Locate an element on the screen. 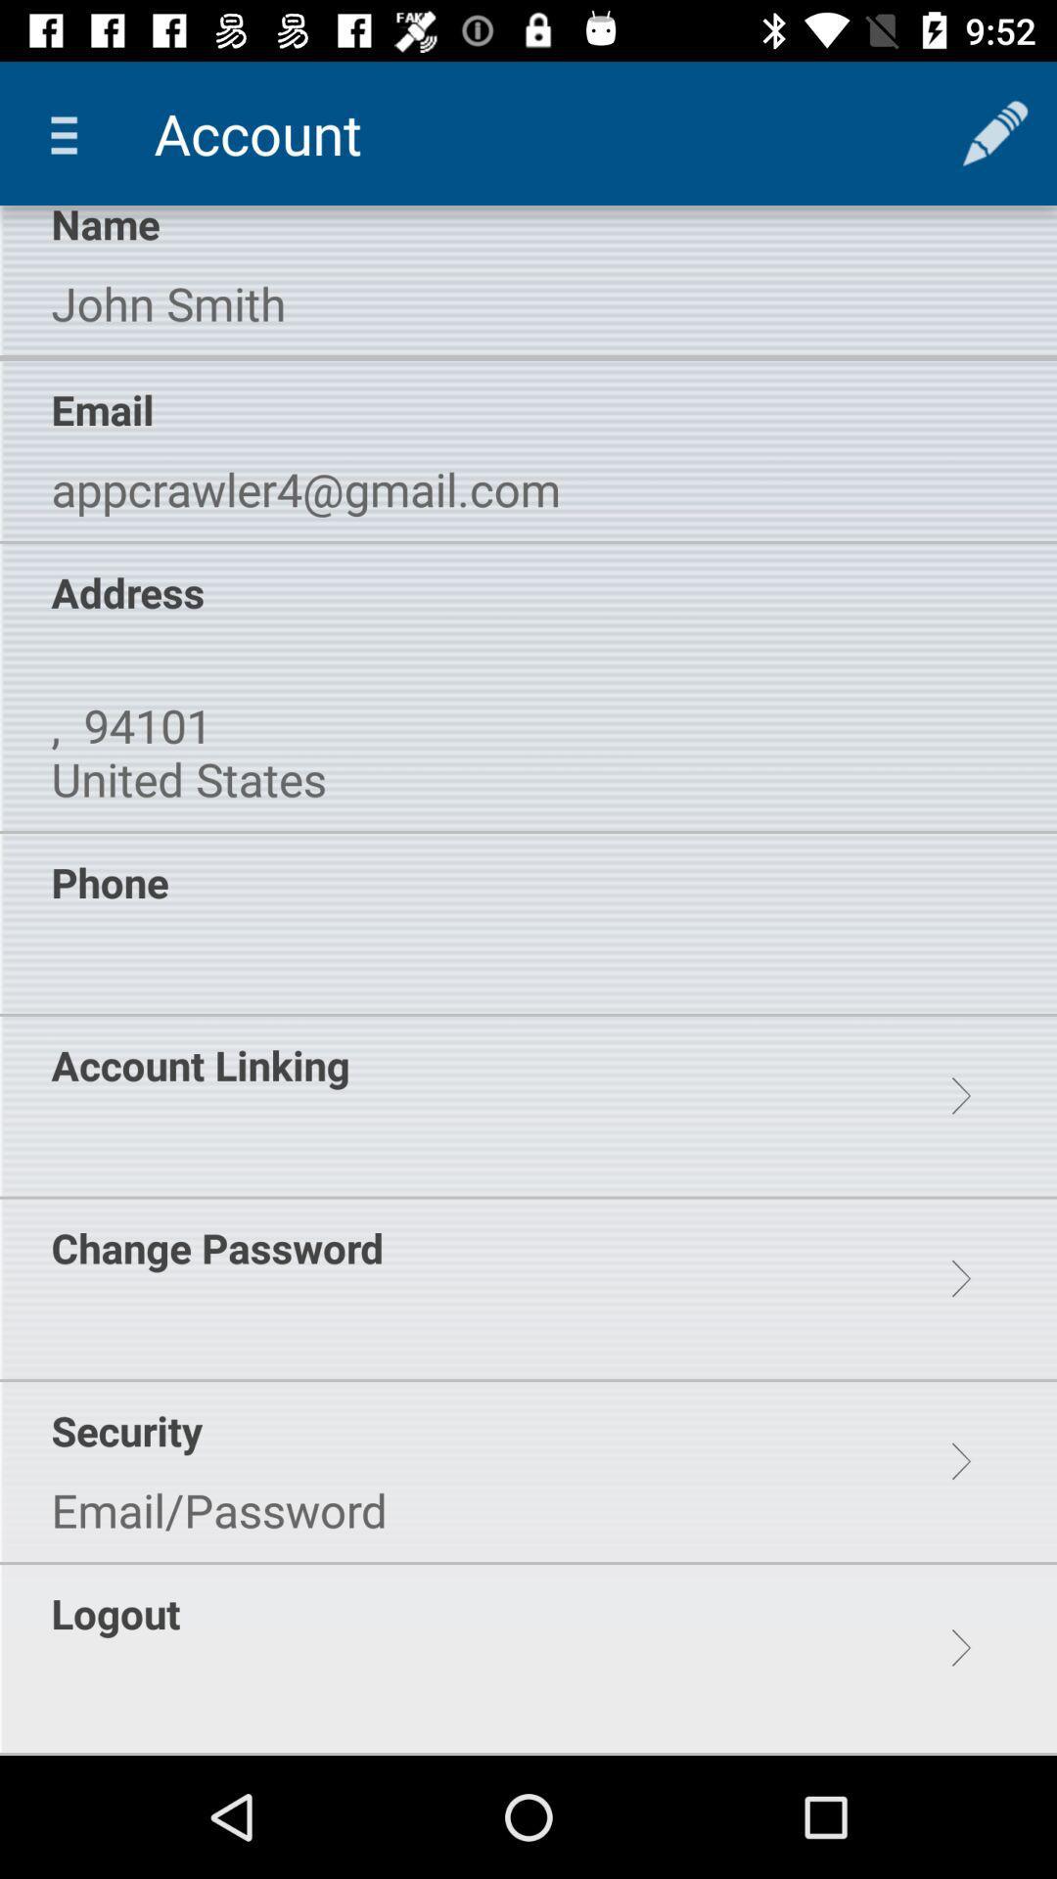 The height and width of the screenshot is (1879, 1057). logout item is located at coordinates (115, 1613).